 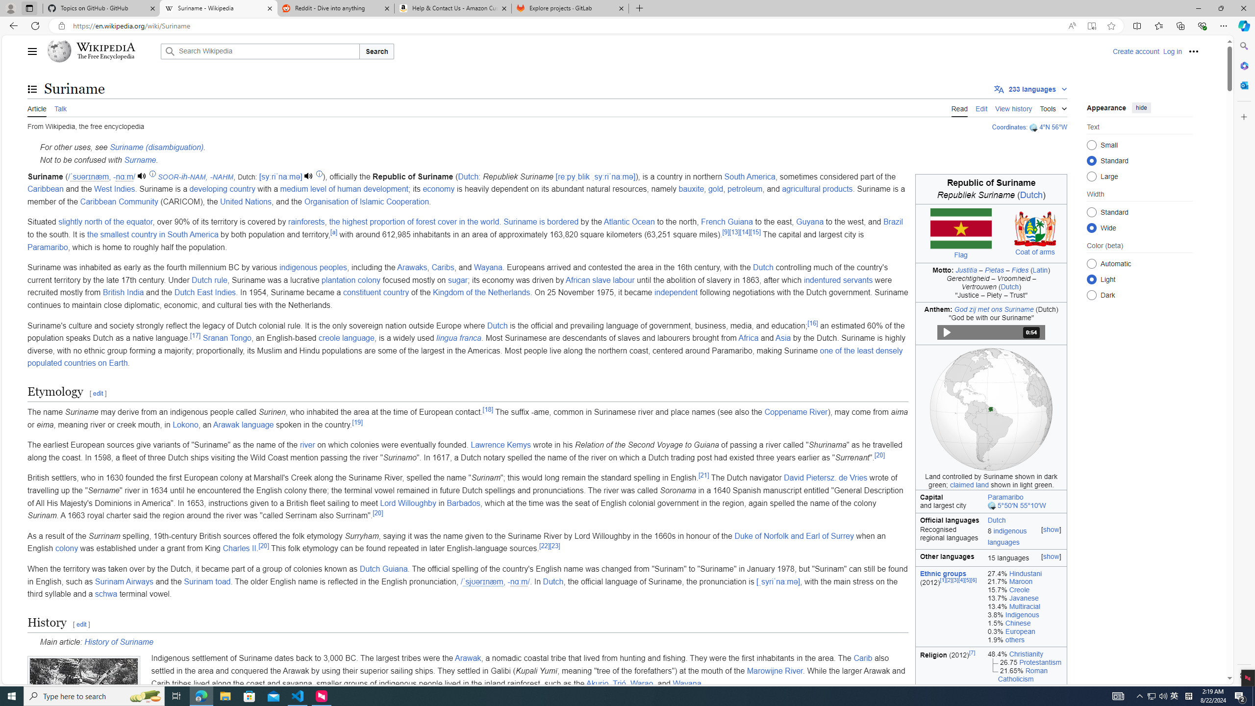 What do you see at coordinates (969, 484) in the screenshot?
I see `'claimed land'` at bounding box center [969, 484].